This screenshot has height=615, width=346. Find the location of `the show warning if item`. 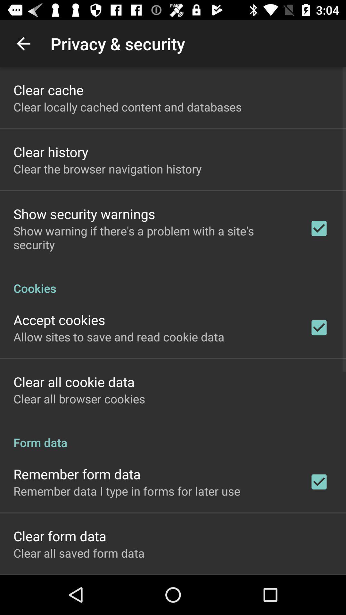

the show warning if item is located at coordinates (153, 237).